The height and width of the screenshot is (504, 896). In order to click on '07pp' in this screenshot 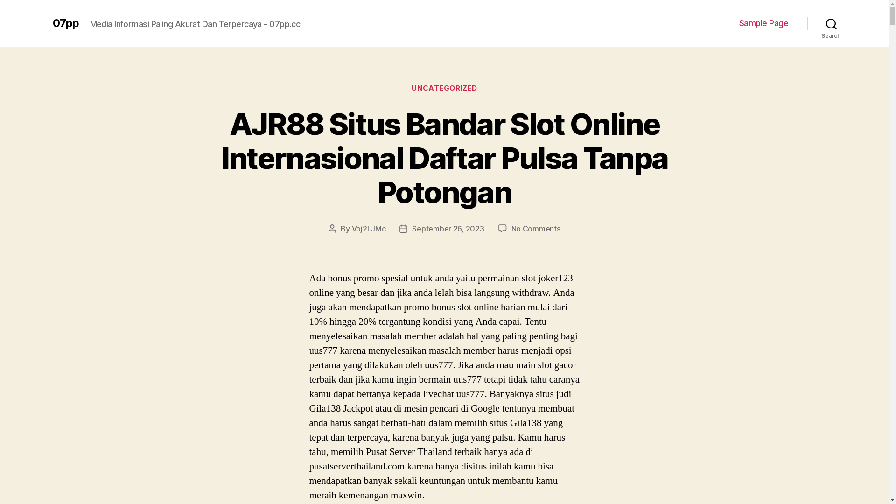, I will do `click(64, 23)`.